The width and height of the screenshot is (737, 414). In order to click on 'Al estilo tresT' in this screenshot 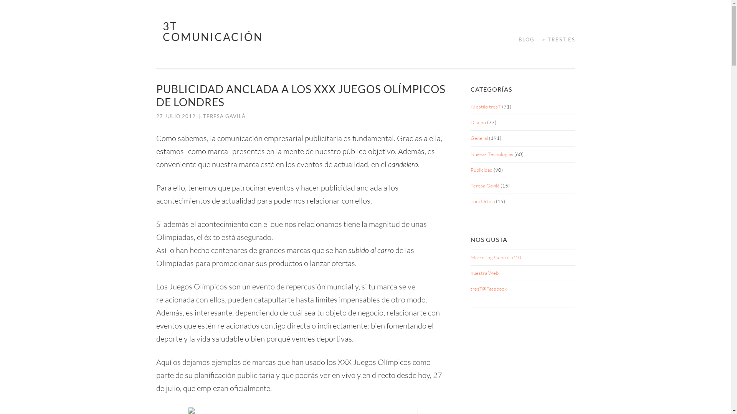, I will do `click(470, 106)`.